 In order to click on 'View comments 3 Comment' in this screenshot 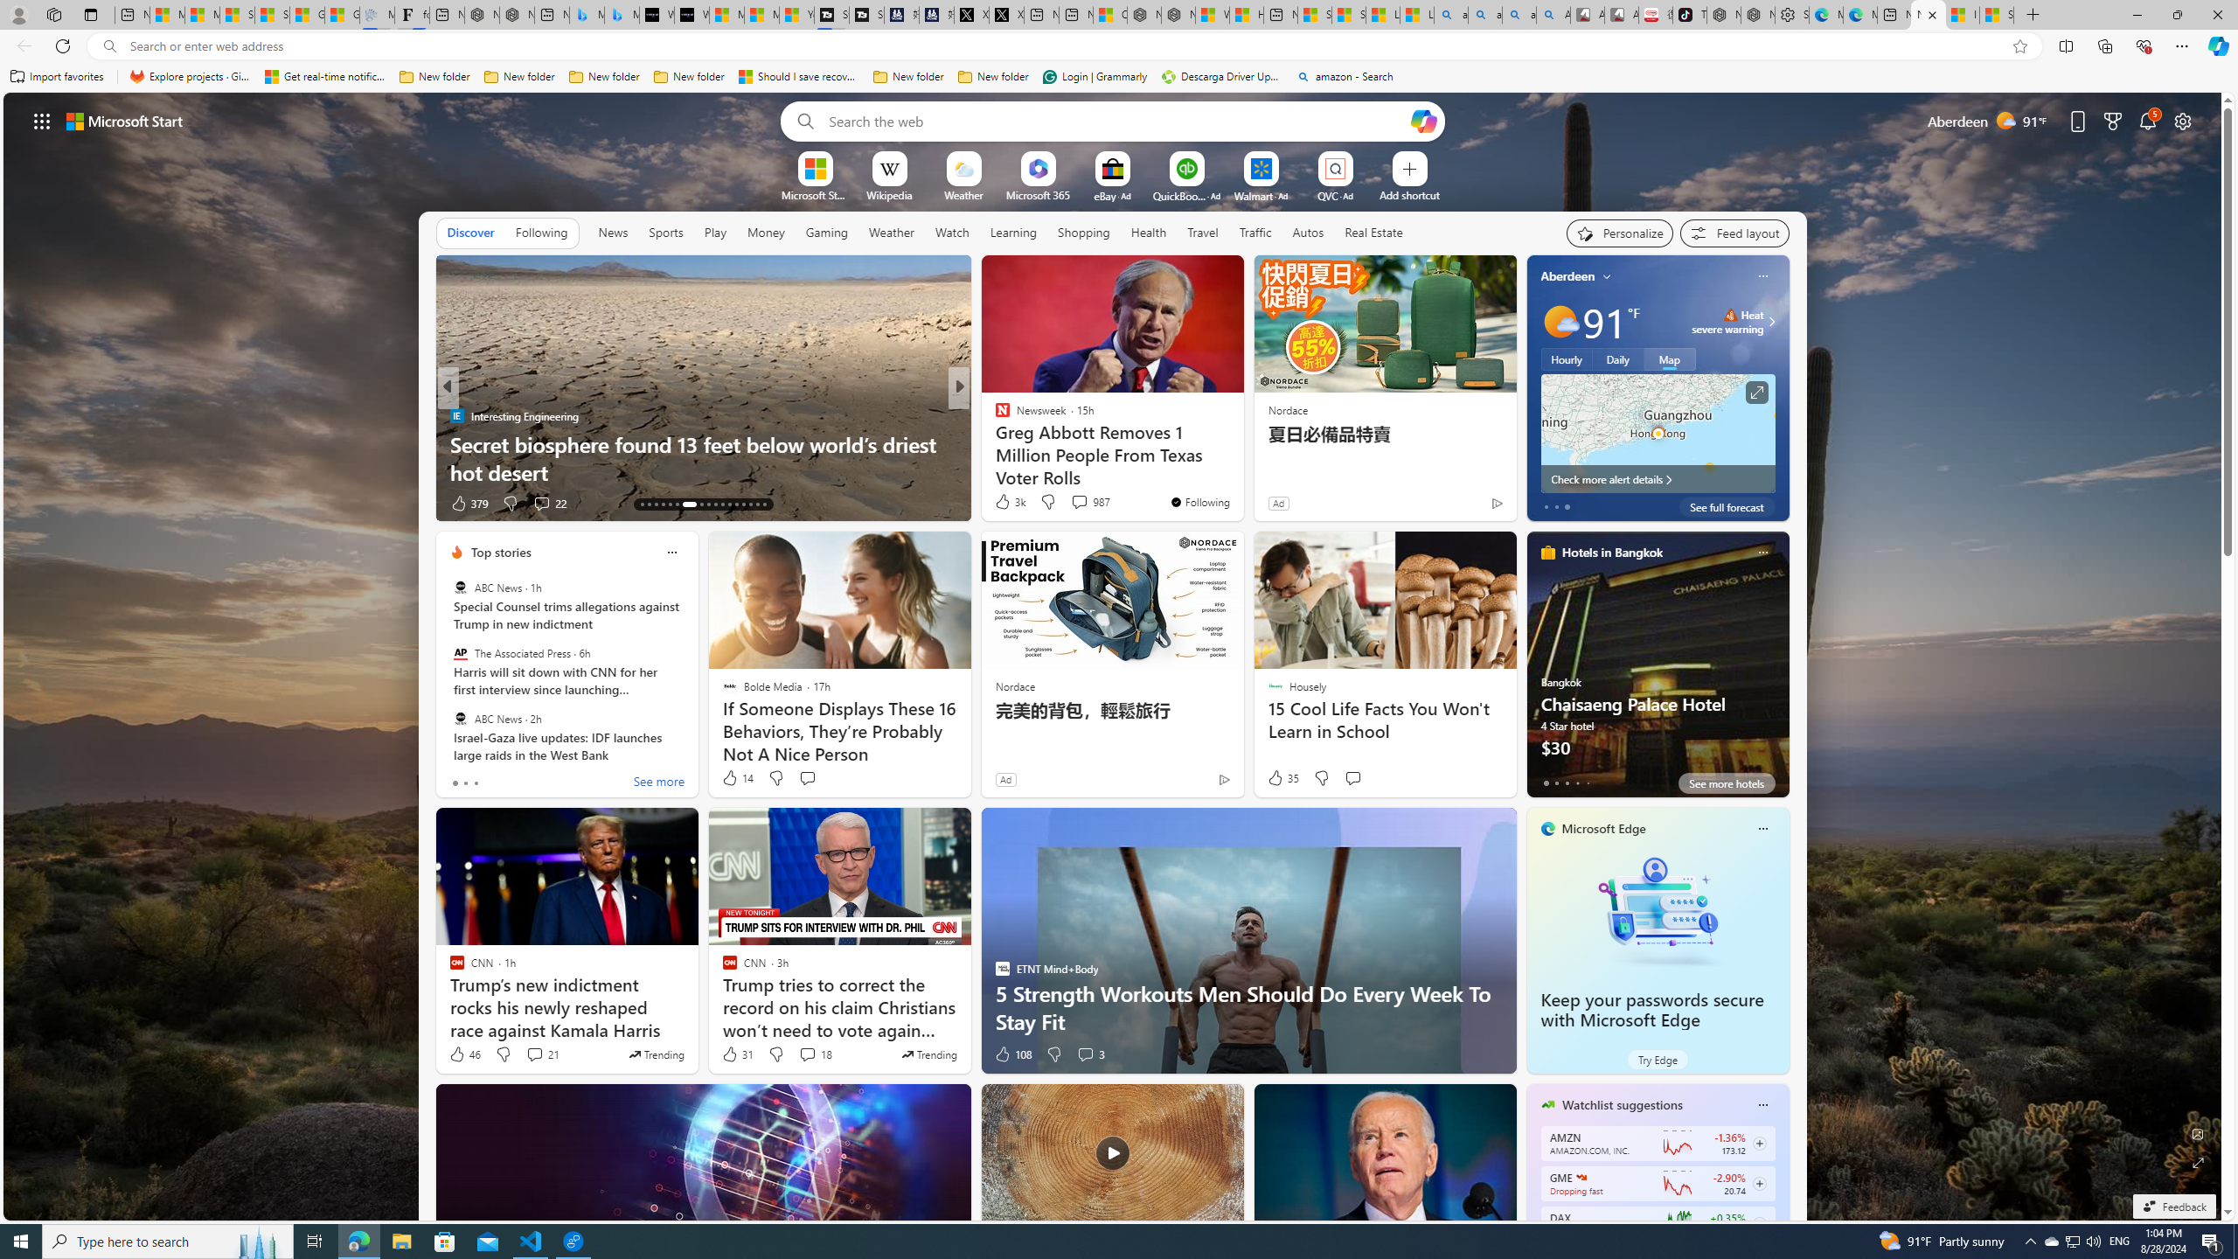, I will do `click(1084, 1054)`.